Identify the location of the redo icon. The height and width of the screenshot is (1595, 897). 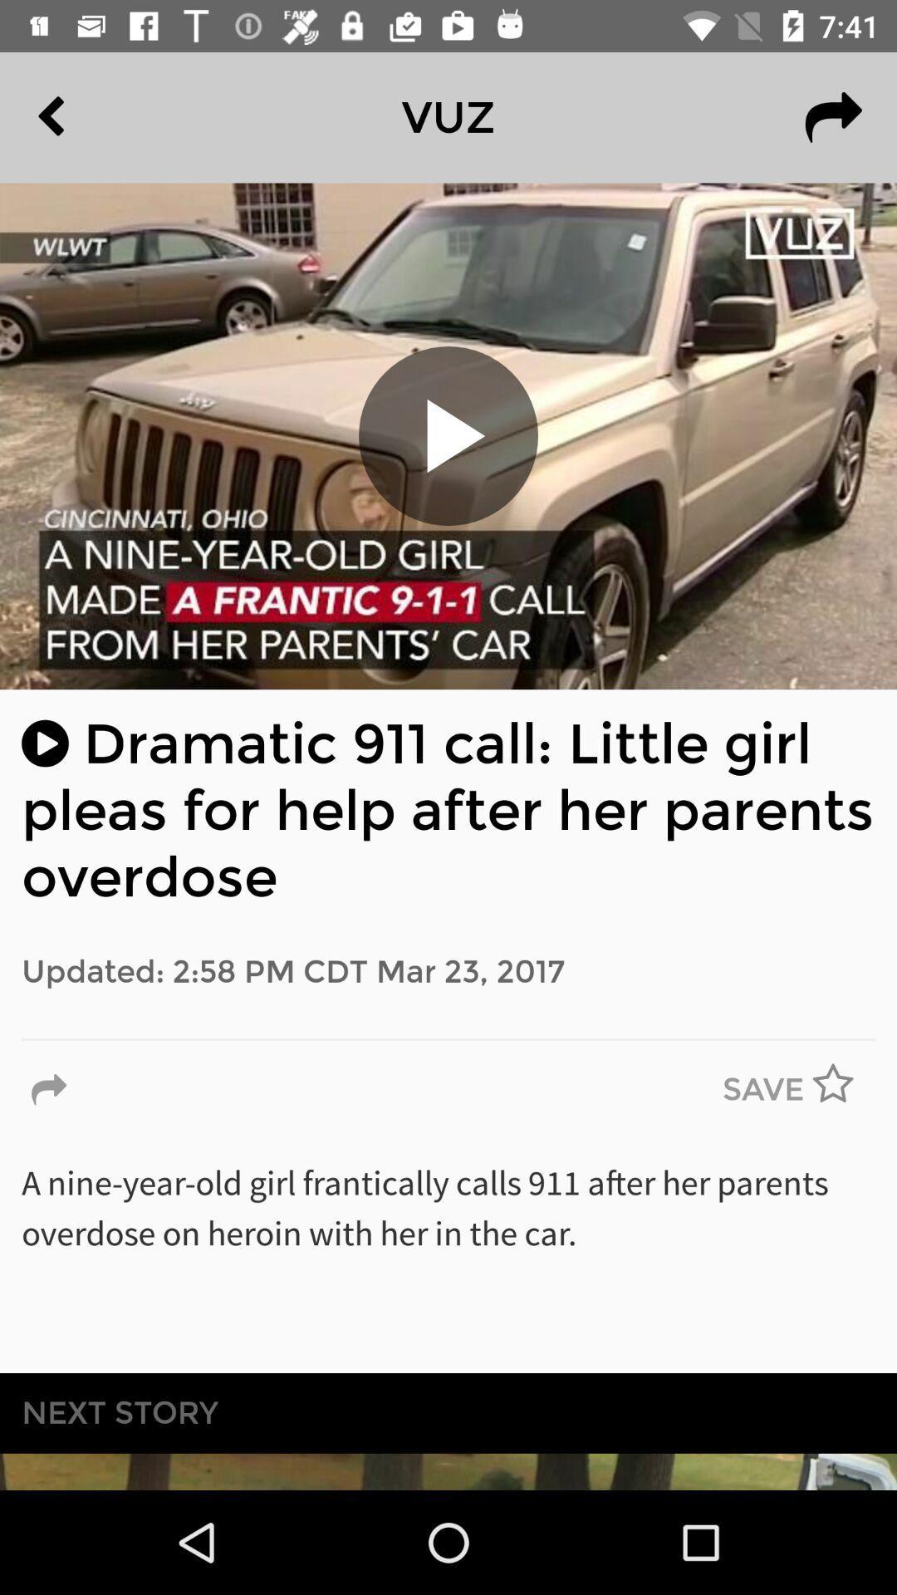
(833, 116).